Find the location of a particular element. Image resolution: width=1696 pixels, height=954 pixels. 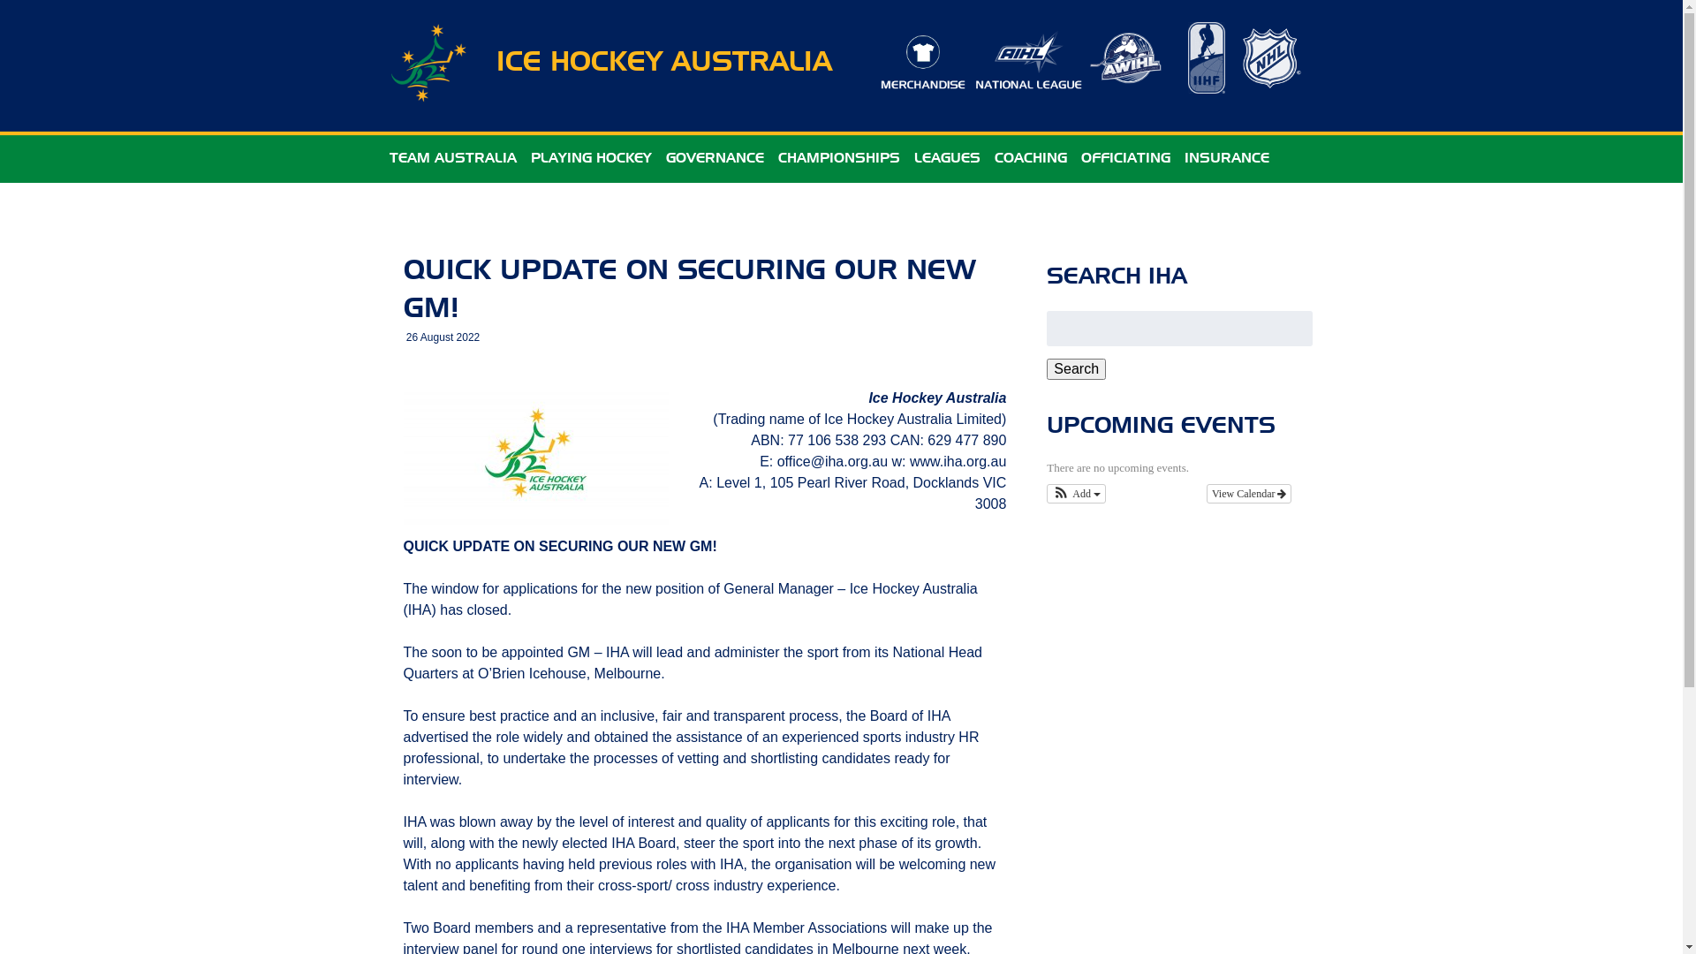

'GOVERNANCE' is located at coordinates (715, 159).